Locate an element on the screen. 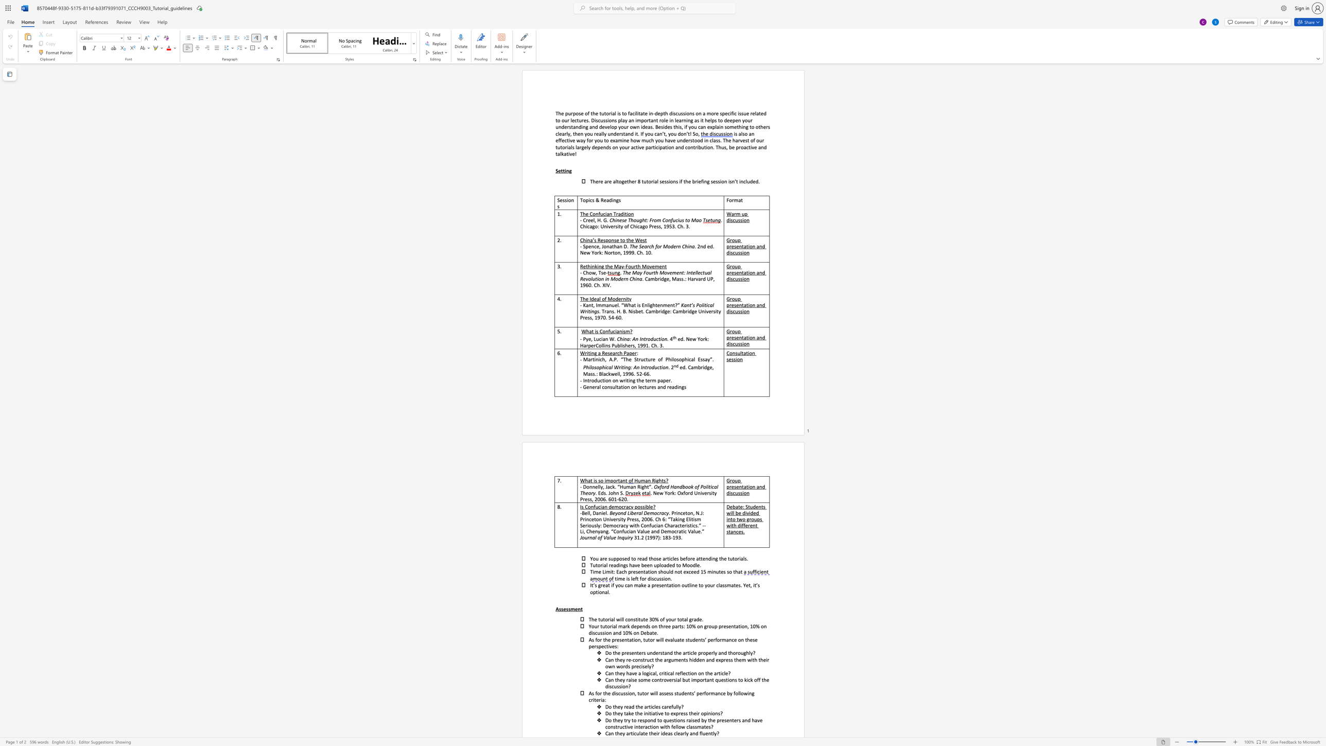  the subset text "Rights" within the text "Human Rights?" is located at coordinates (651, 480).